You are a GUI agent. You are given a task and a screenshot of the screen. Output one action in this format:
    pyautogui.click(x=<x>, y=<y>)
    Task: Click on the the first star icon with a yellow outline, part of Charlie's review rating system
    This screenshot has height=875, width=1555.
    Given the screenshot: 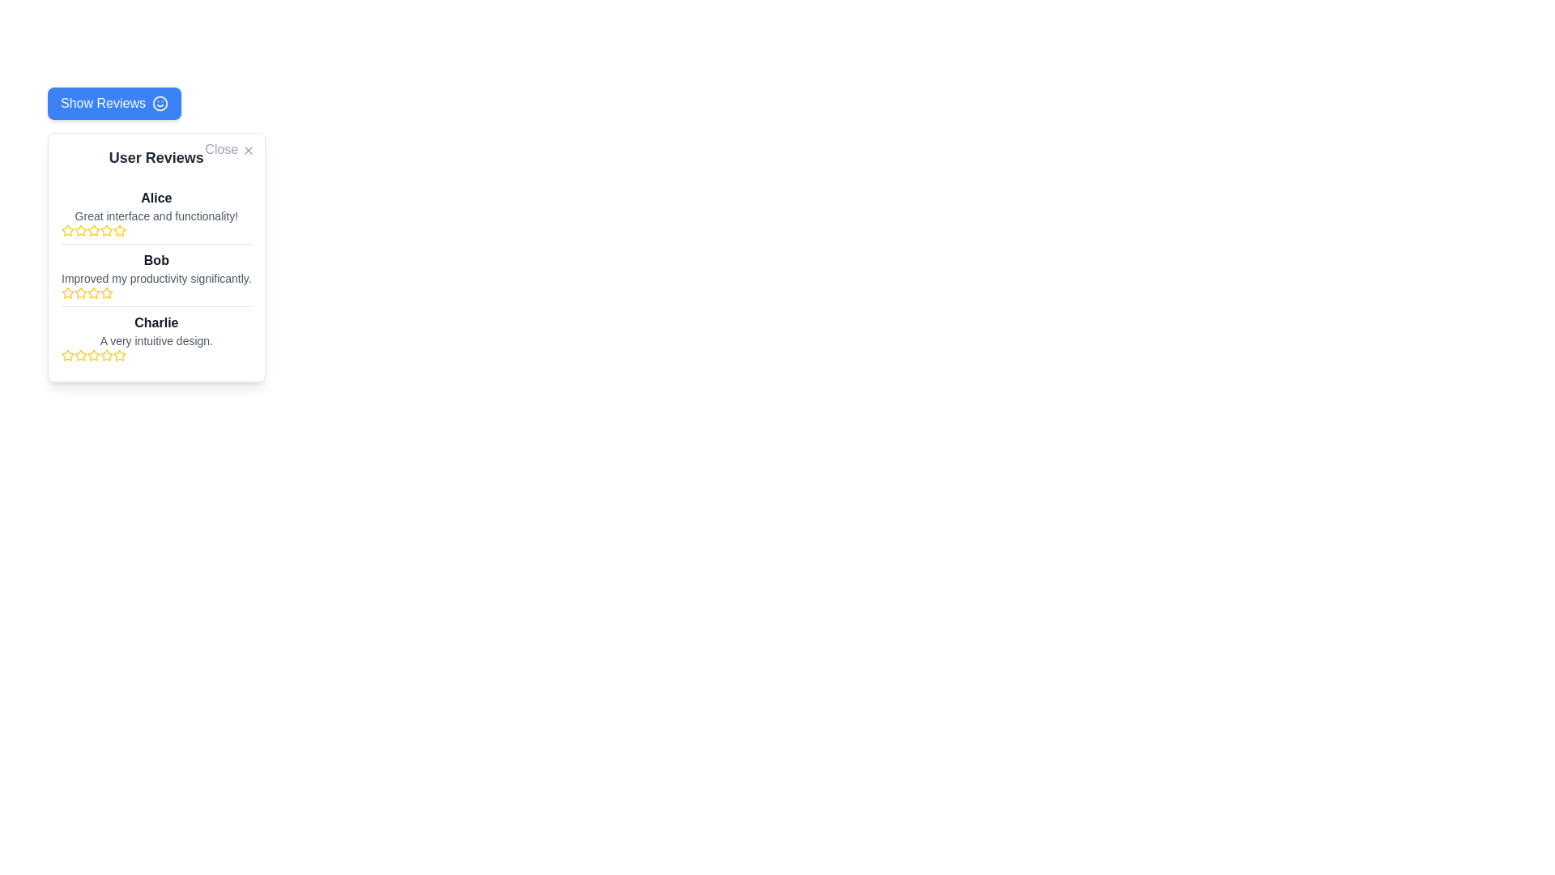 What is the action you would take?
    pyautogui.click(x=66, y=354)
    